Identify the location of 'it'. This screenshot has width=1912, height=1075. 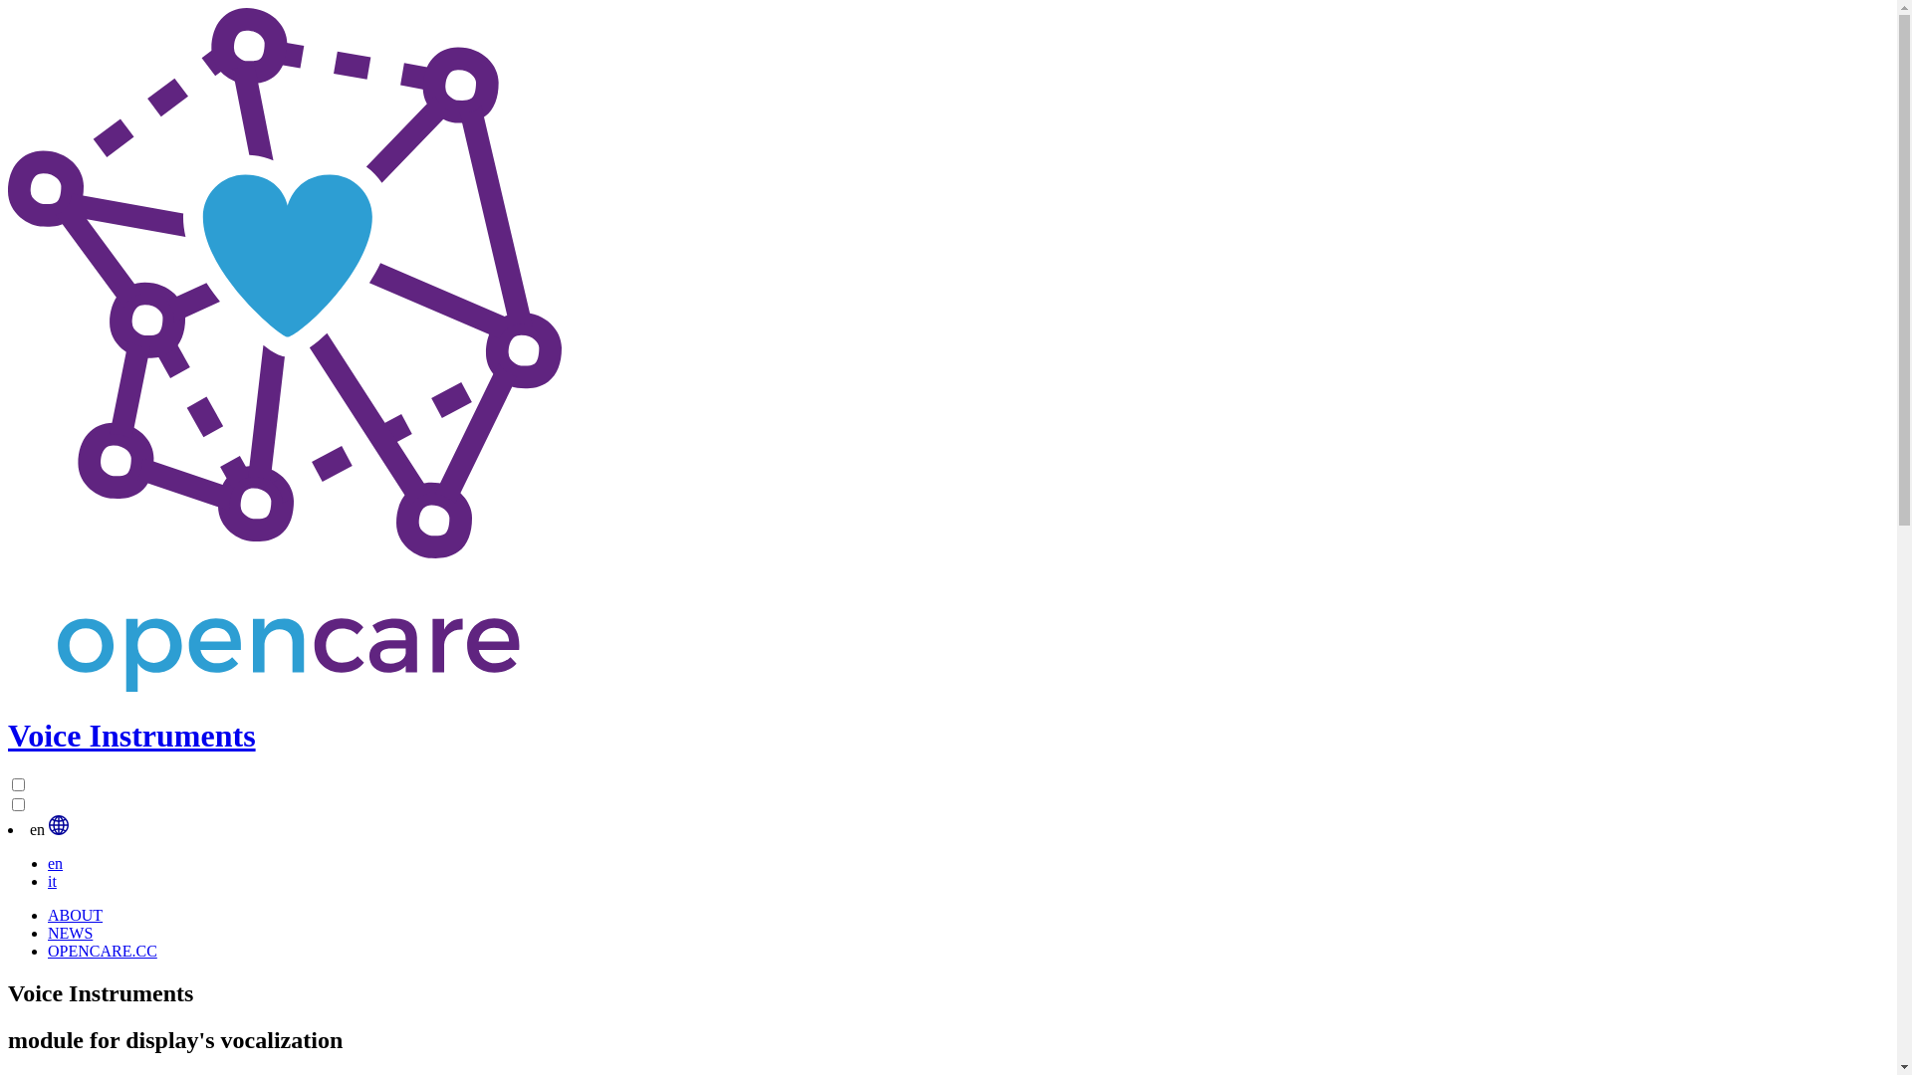
(52, 880).